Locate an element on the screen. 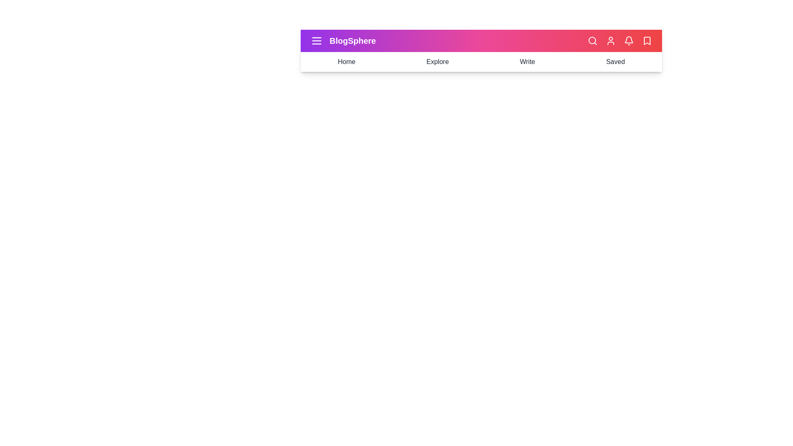  the element Menu to preview its effect is located at coordinates (316, 41).